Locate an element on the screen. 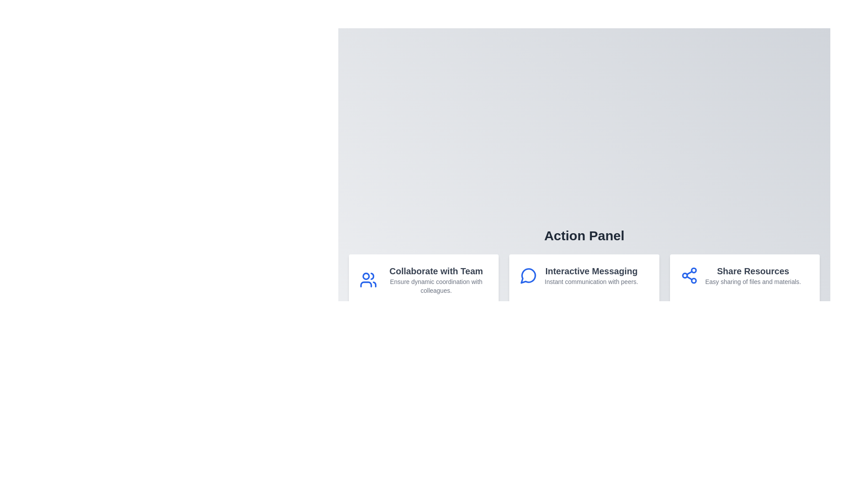 Image resolution: width=848 pixels, height=477 pixels. the Text Label that introduces the action 'Collaborate with Team', located at the upper portion of the card component is located at coordinates (436, 270).